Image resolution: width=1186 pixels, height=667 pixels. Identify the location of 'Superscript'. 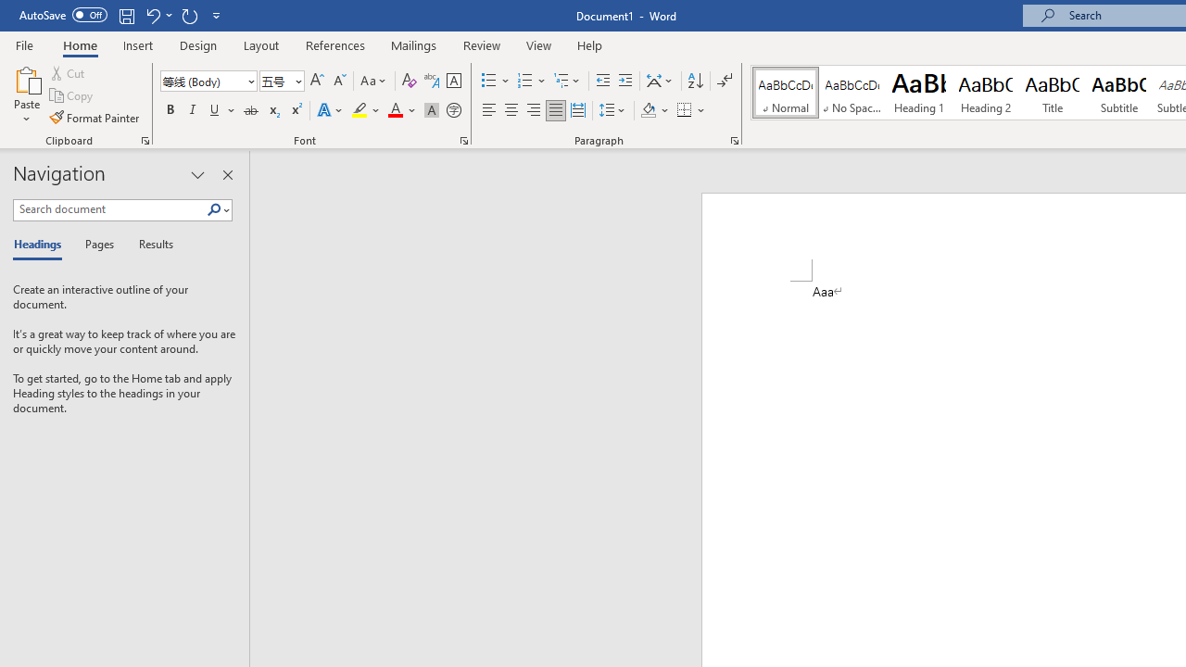
(295, 110).